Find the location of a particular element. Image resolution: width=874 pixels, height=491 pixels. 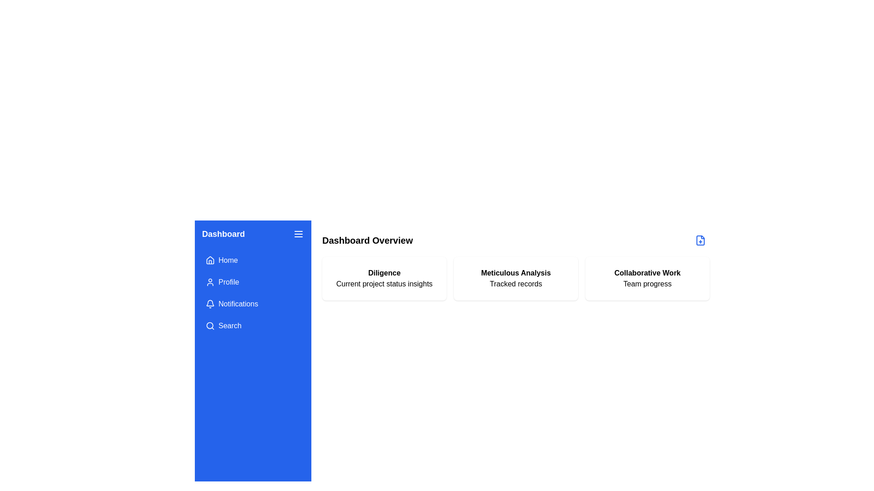

text label that serves as a title or heading within the rightmost card in the dashboard layout, positioned above the text 'Team progress' is located at coordinates (647, 273).